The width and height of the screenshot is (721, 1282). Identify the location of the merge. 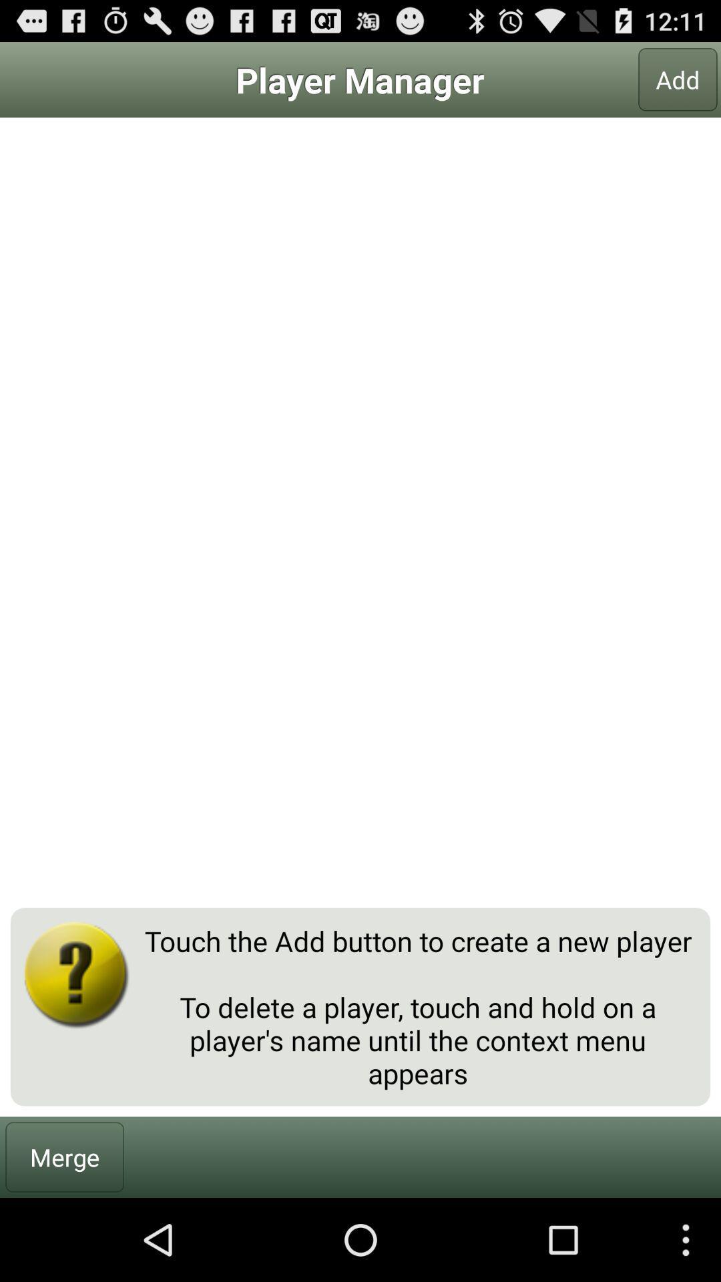
(65, 1156).